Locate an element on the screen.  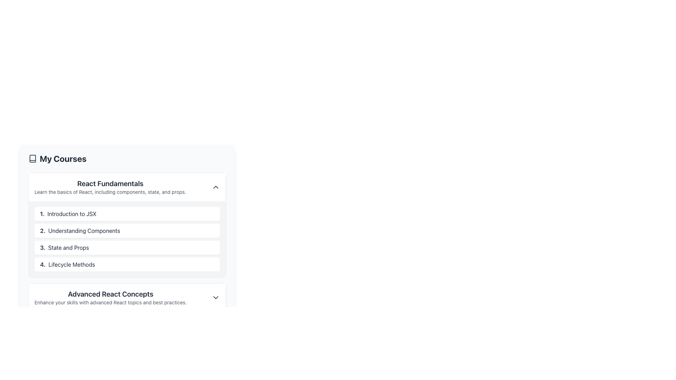
the Text Display element that provides a title and description for a course in the 'My Courses' panel is located at coordinates (110, 187).